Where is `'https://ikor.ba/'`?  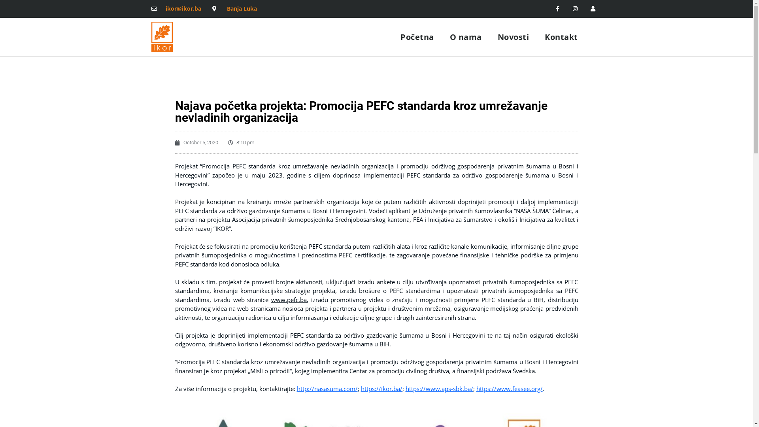
'https://ikor.ba/' is located at coordinates (381, 388).